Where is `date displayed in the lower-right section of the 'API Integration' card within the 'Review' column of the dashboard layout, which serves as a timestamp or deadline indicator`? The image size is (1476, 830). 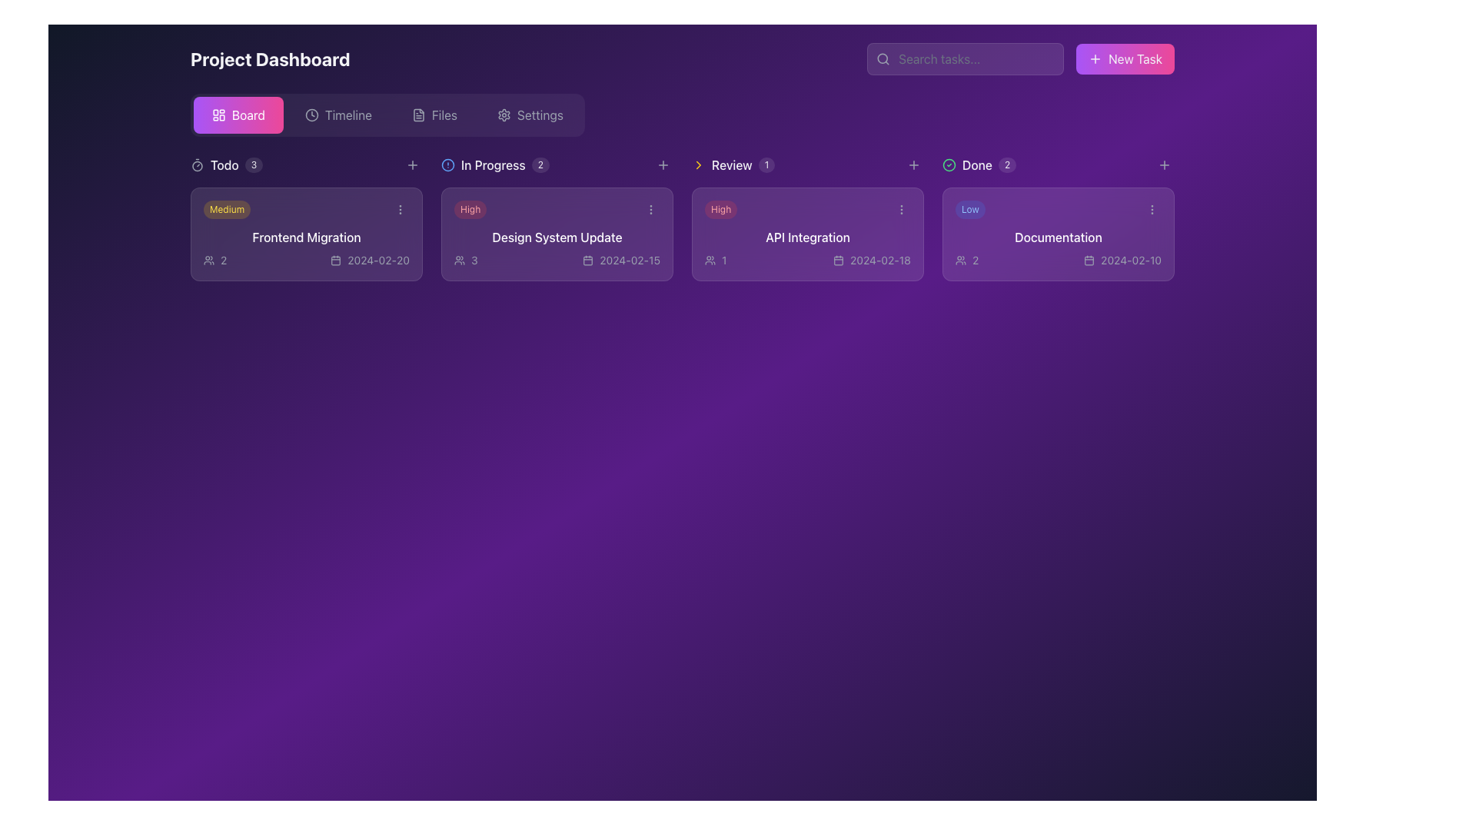
date displayed in the lower-right section of the 'API Integration' card within the 'Review' column of the dashboard layout, which serves as a timestamp or deadline indicator is located at coordinates (872, 260).